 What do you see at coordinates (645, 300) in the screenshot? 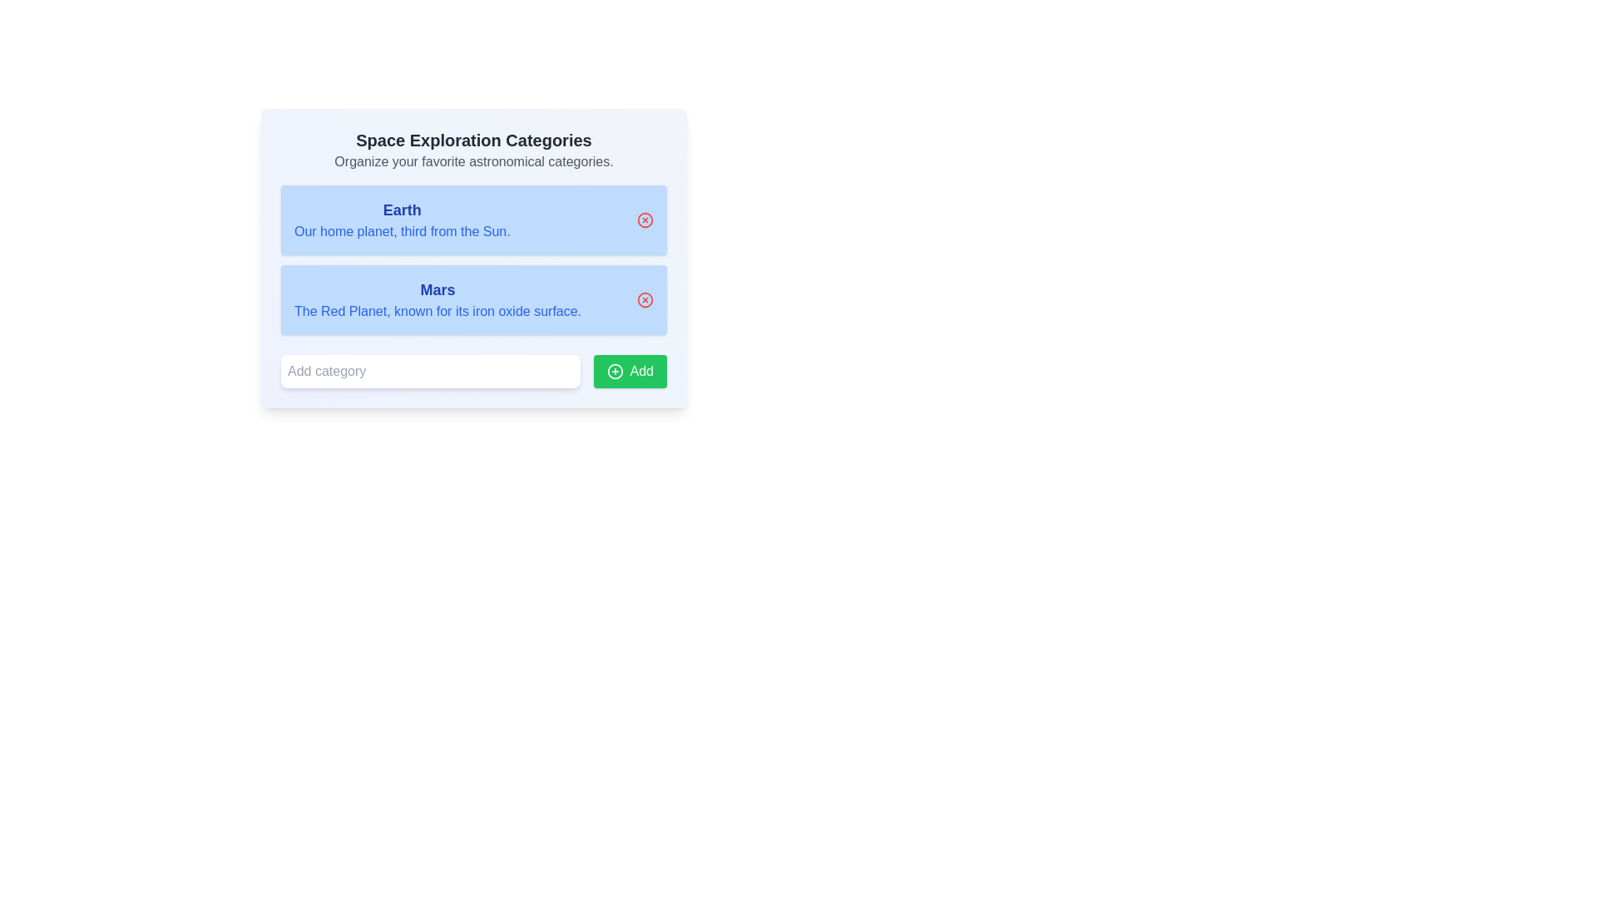
I see `the circular icon button located in the lower-right corner of the 'Mars' card within the 'Space Exploration Categories' list` at bounding box center [645, 300].